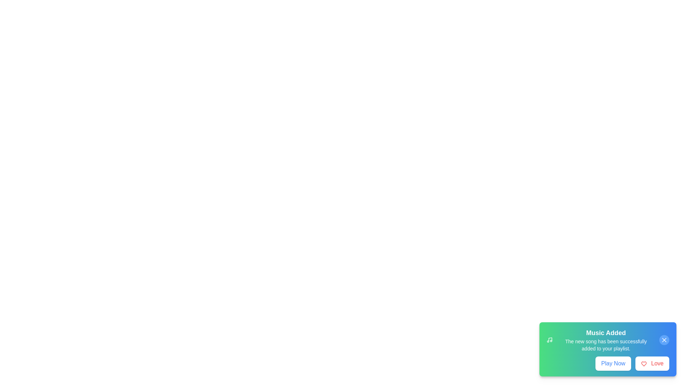 Image resolution: width=685 pixels, height=385 pixels. Describe the element at coordinates (613, 363) in the screenshot. I see `'Play Now' button to initiate music playback` at that location.